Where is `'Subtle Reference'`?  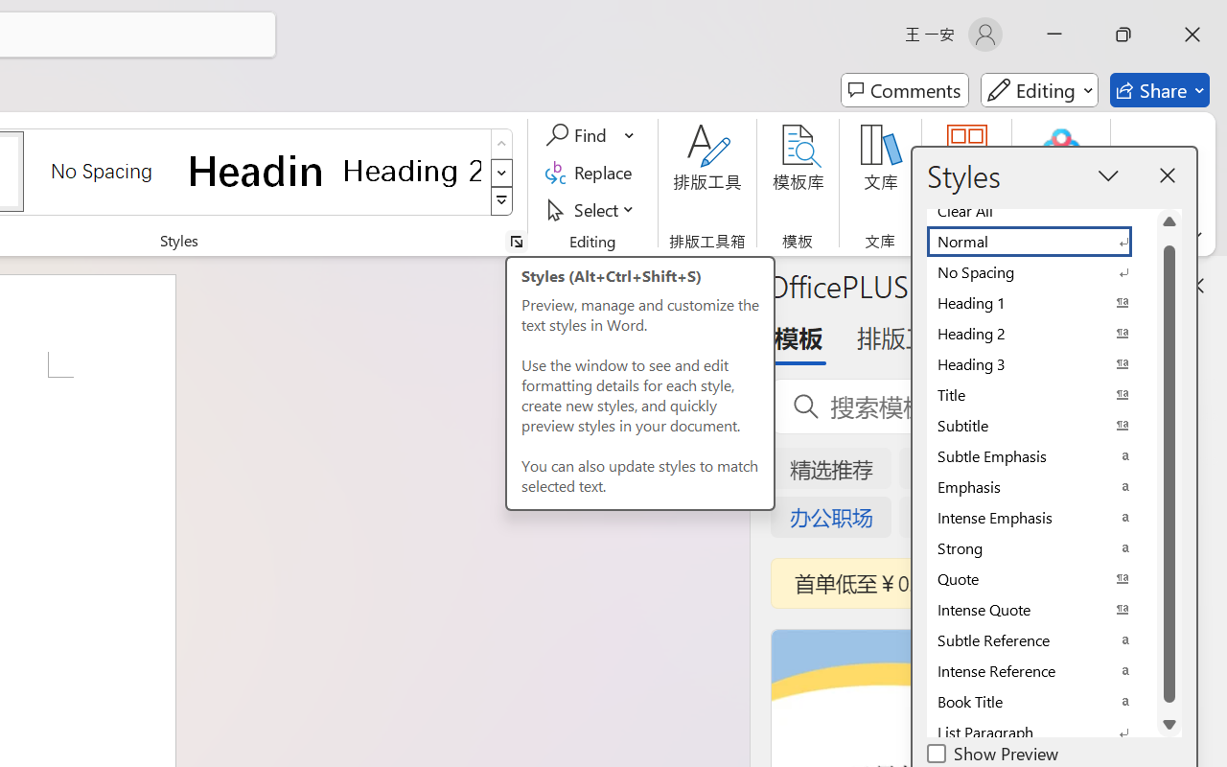 'Subtle Reference' is located at coordinates (1040, 640).